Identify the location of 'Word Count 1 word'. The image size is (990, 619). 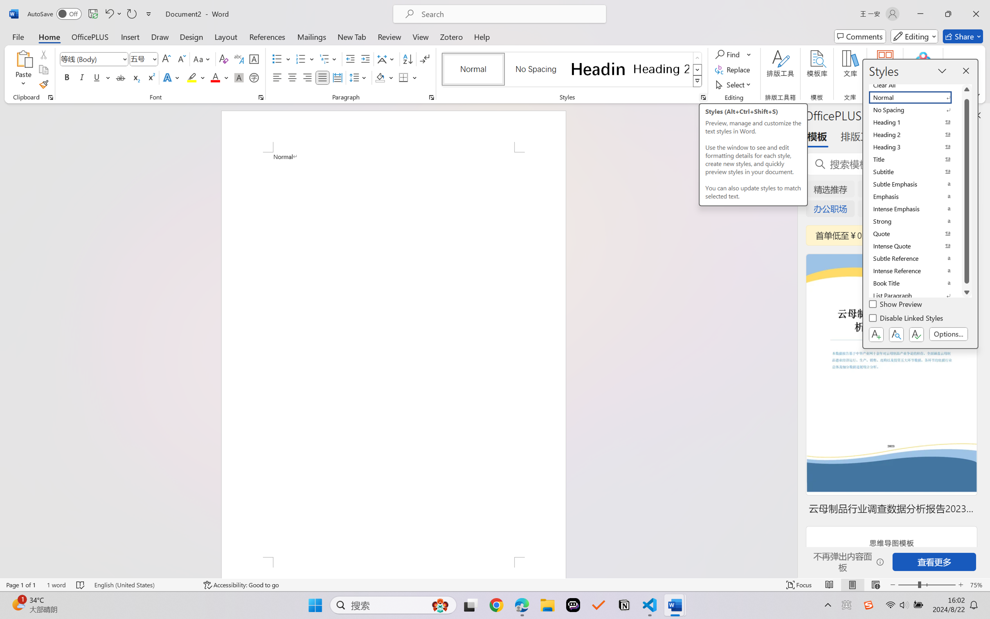
(56, 585).